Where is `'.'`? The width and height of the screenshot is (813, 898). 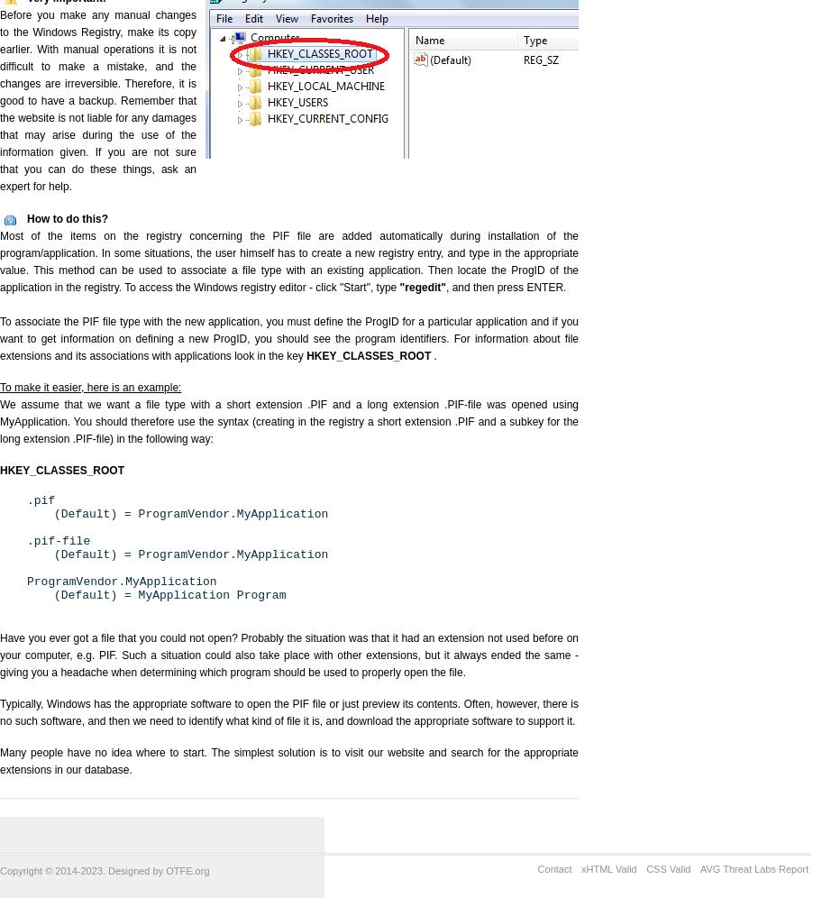
'.' is located at coordinates (434, 355).